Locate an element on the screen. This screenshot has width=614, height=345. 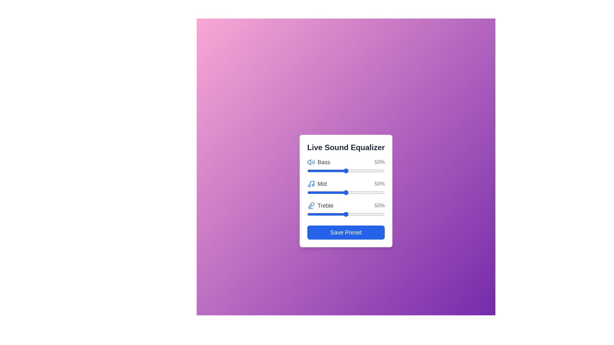
the 'Mid' slider to 12% is located at coordinates (316, 192).